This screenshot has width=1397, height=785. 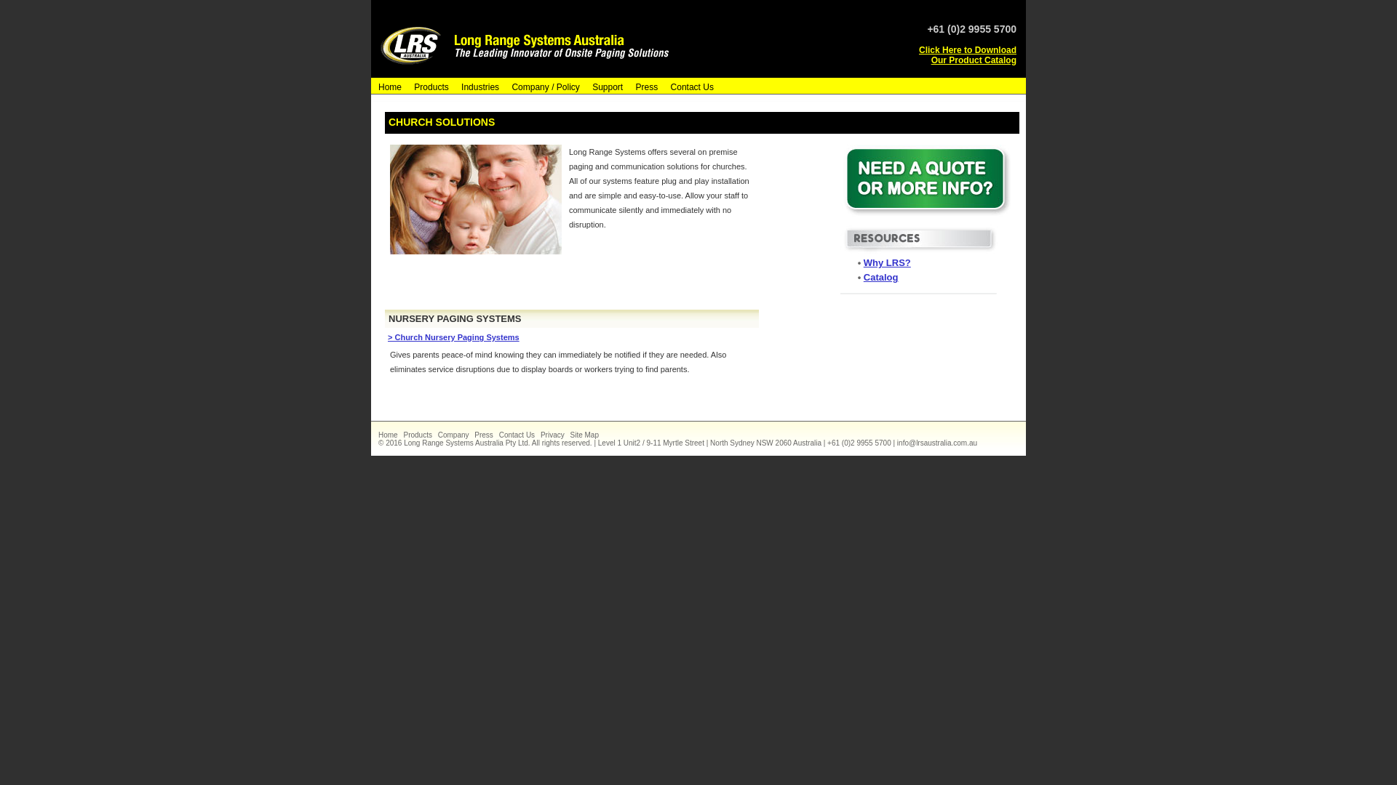 I want to click on 'Contact Us', so click(x=689, y=86).